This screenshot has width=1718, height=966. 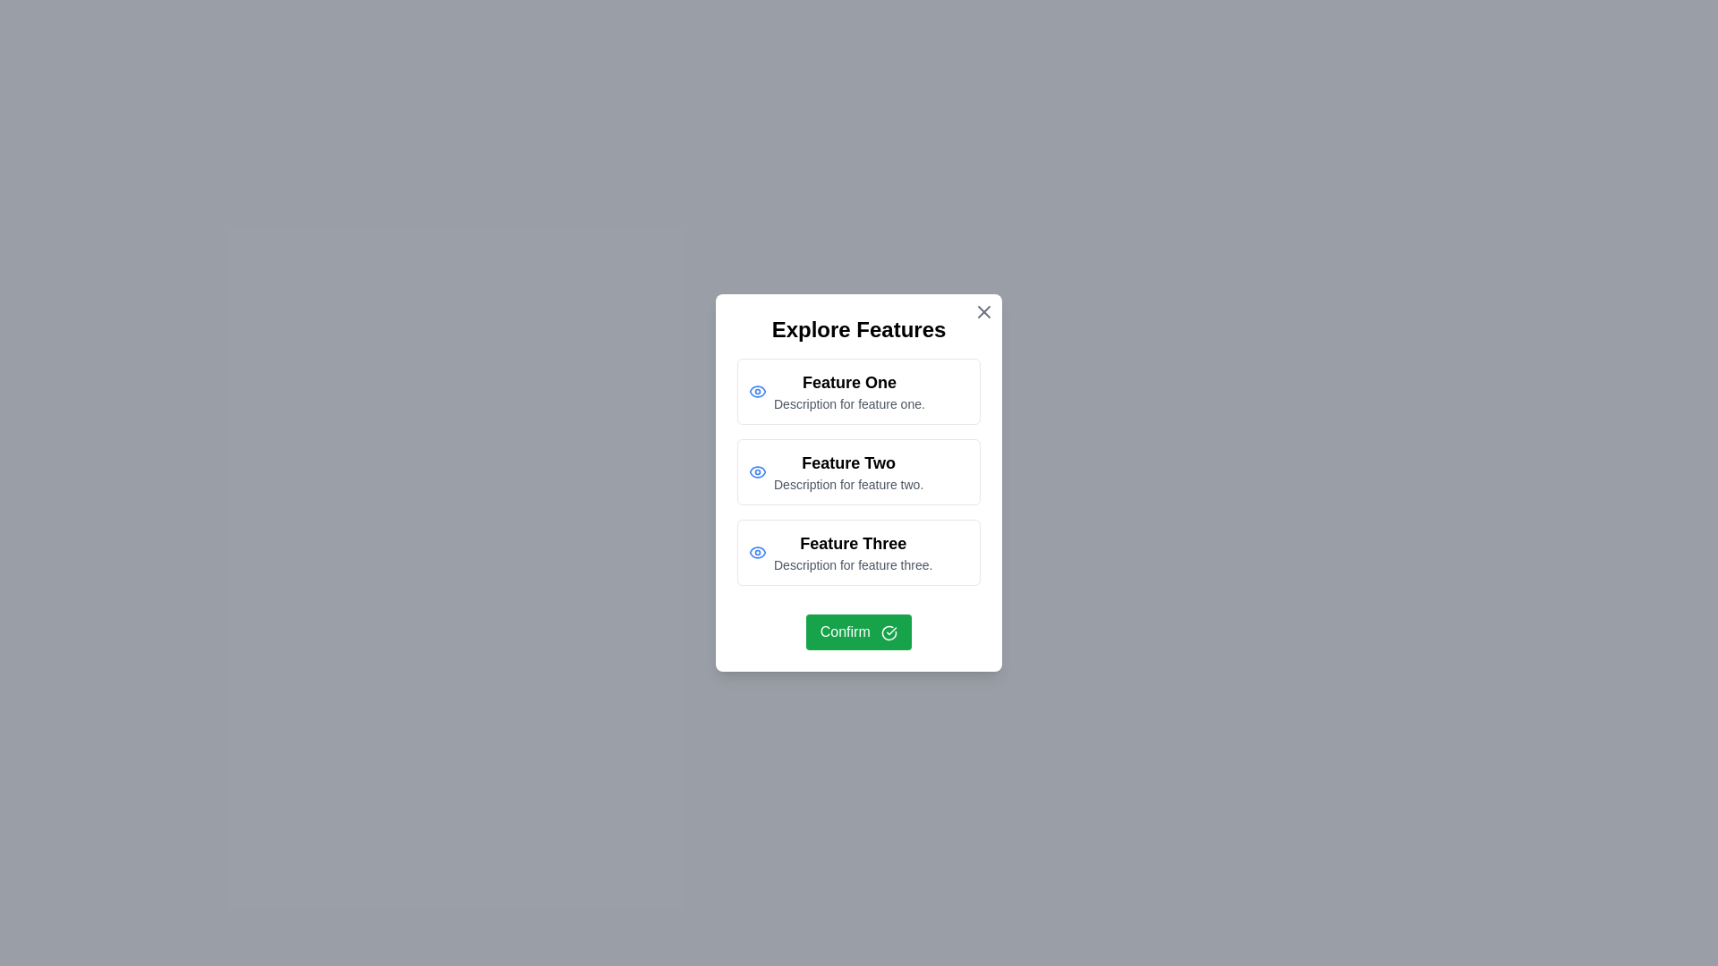 What do you see at coordinates (859, 471) in the screenshot?
I see `the feature item corresponding to Feature Two` at bounding box center [859, 471].